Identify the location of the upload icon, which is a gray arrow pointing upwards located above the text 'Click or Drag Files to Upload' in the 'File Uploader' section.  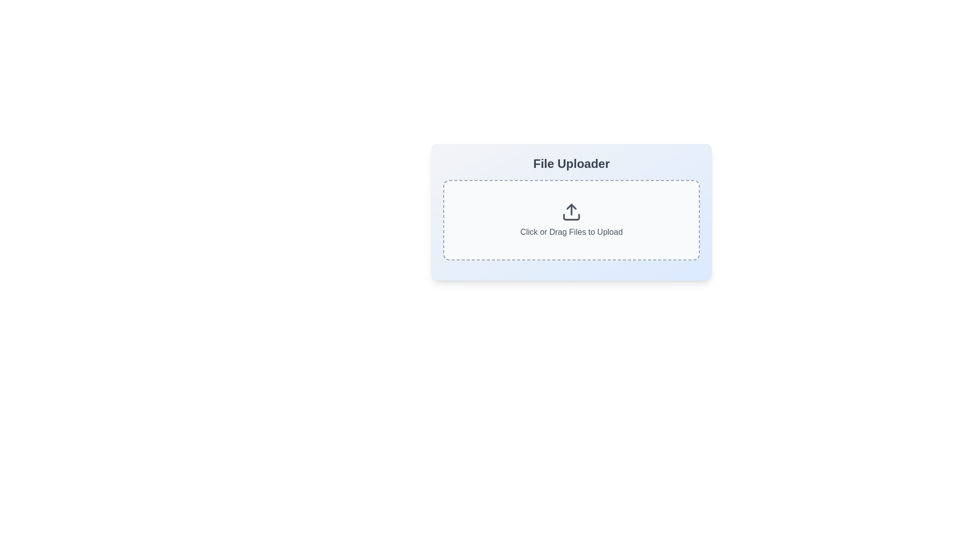
(572, 211).